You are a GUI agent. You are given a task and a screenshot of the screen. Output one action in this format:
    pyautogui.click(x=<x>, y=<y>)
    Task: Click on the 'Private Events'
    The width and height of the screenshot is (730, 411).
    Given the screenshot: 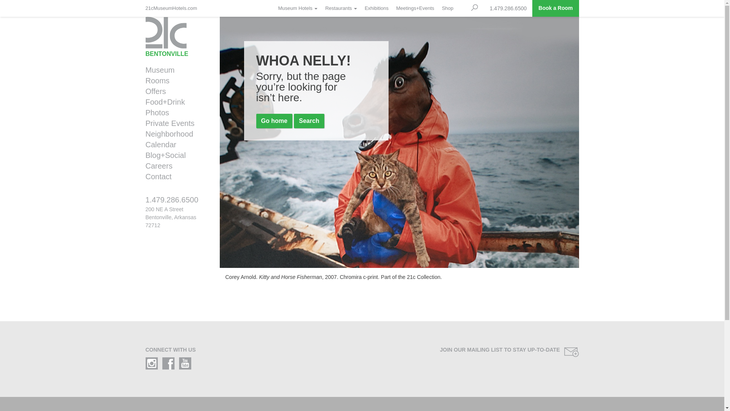 What is the action you would take?
    pyautogui.click(x=174, y=123)
    